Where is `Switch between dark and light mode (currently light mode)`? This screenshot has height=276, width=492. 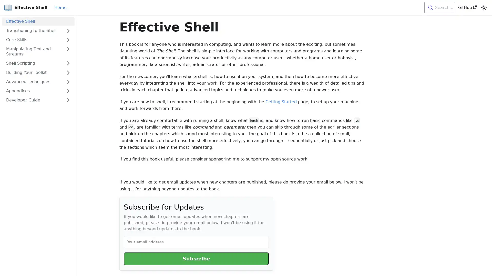 Switch between dark and light mode (currently light mode) is located at coordinates (483, 8).